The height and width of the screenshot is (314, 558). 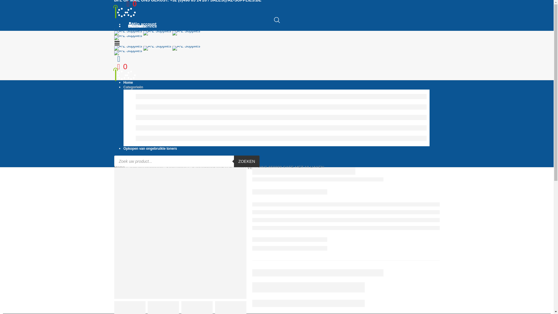 What do you see at coordinates (130, 3) in the screenshot?
I see `'0'` at bounding box center [130, 3].